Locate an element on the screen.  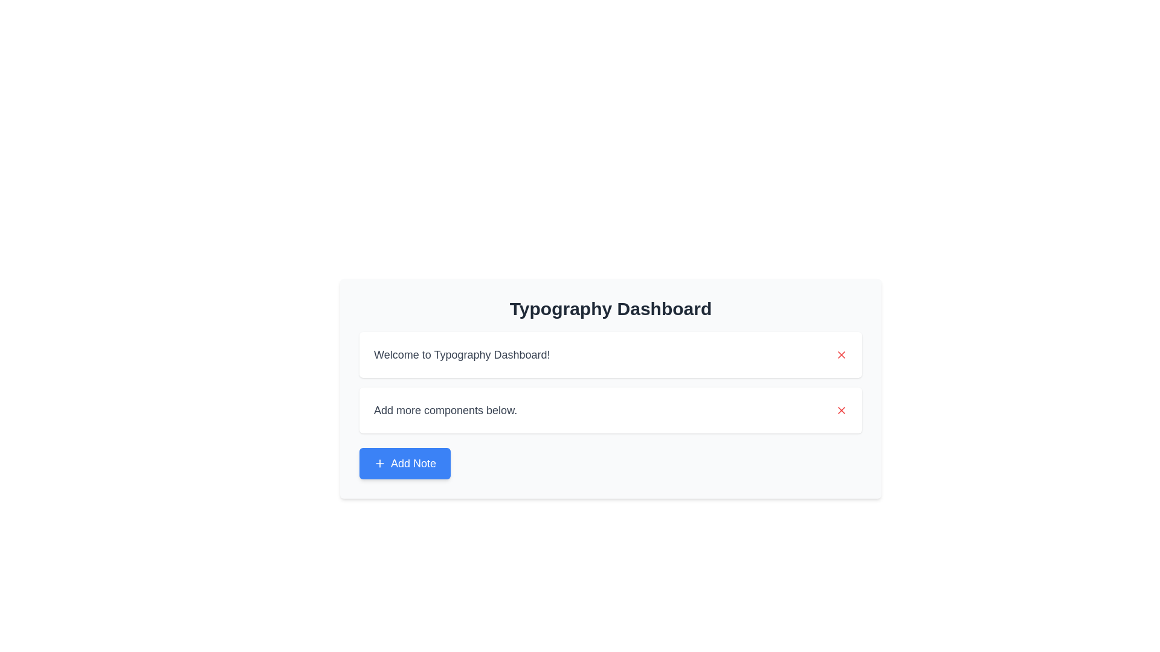
the button labeled 'Add Note' which is styled with a white font on a blue background, located at the bottom-left corner of the central panel is located at coordinates (413, 462).